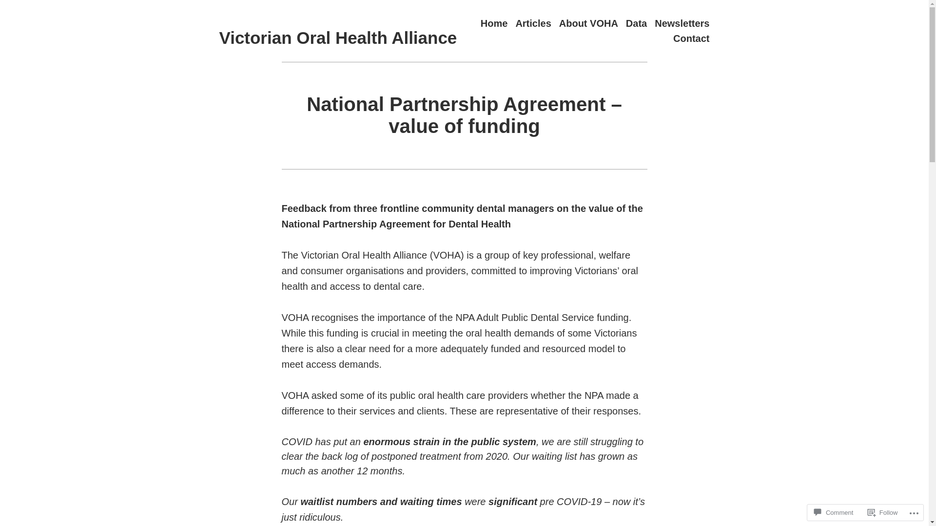 This screenshot has height=526, width=936. Describe the element at coordinates (532, 22) in the screenshot. I see `'Articles'` at that location.